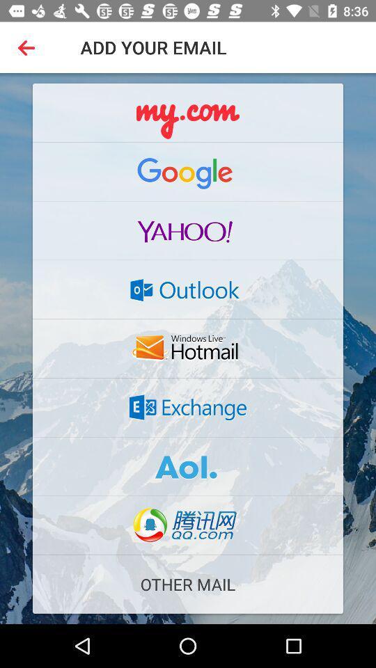  Describe the element at coordinates (188, 348) in the screenshot. I see `hotmail option` at that location.